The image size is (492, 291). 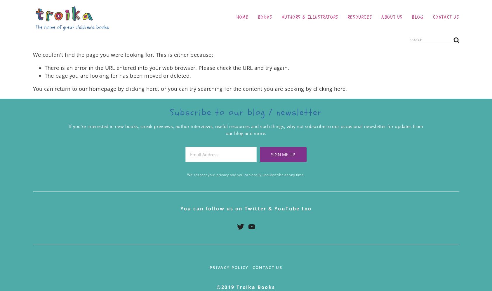 I want to click on 'Books', so click(x=265, y=17).